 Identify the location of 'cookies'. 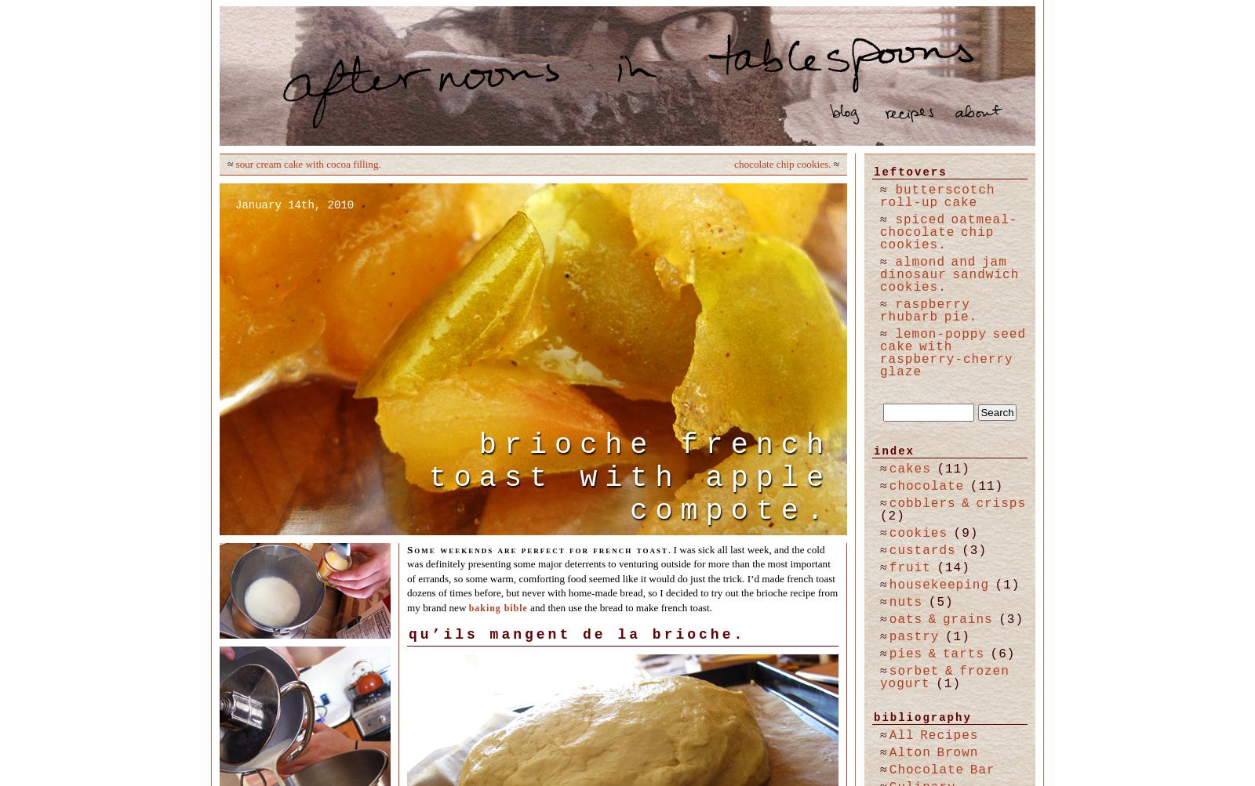
(918, 534).